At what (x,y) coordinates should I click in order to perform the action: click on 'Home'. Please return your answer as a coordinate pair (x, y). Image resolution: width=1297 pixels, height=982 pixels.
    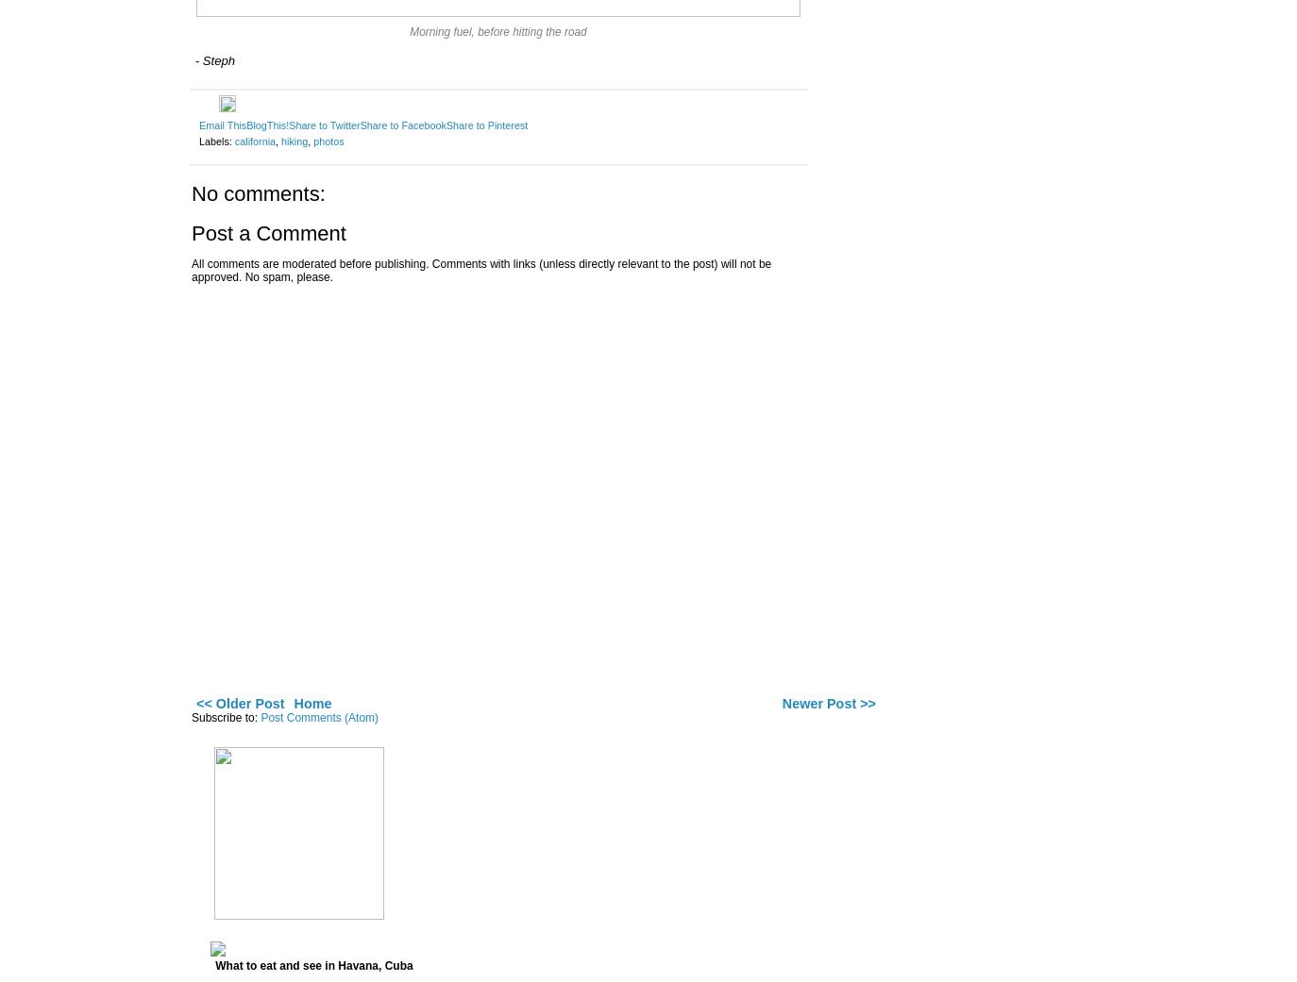
    Looking at the image, I should click on (311, 703).